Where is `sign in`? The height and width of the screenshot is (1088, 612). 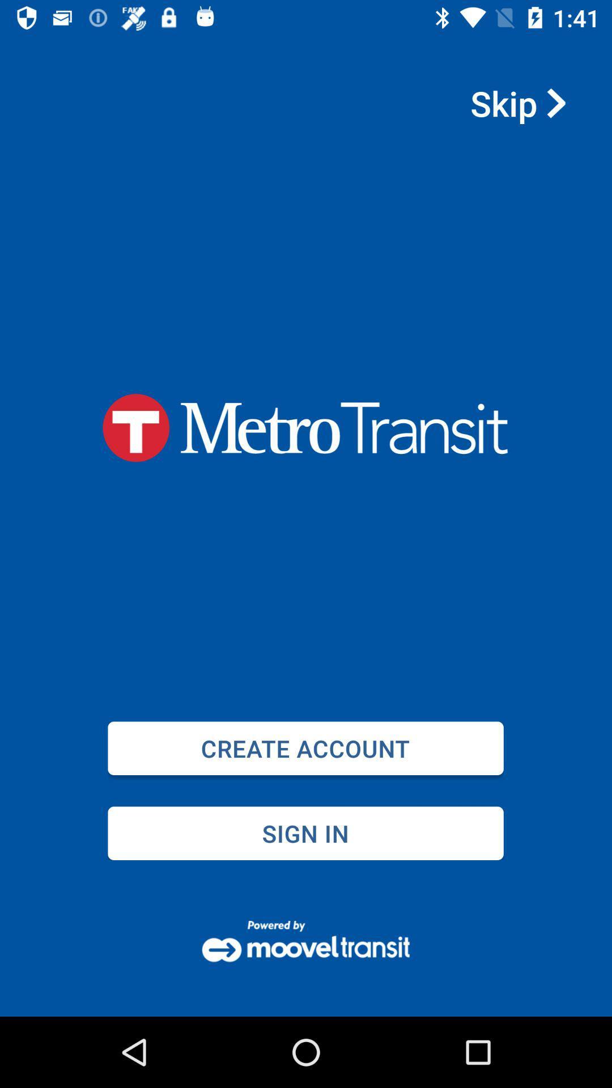
sign in is located at coordinates (305, 833).